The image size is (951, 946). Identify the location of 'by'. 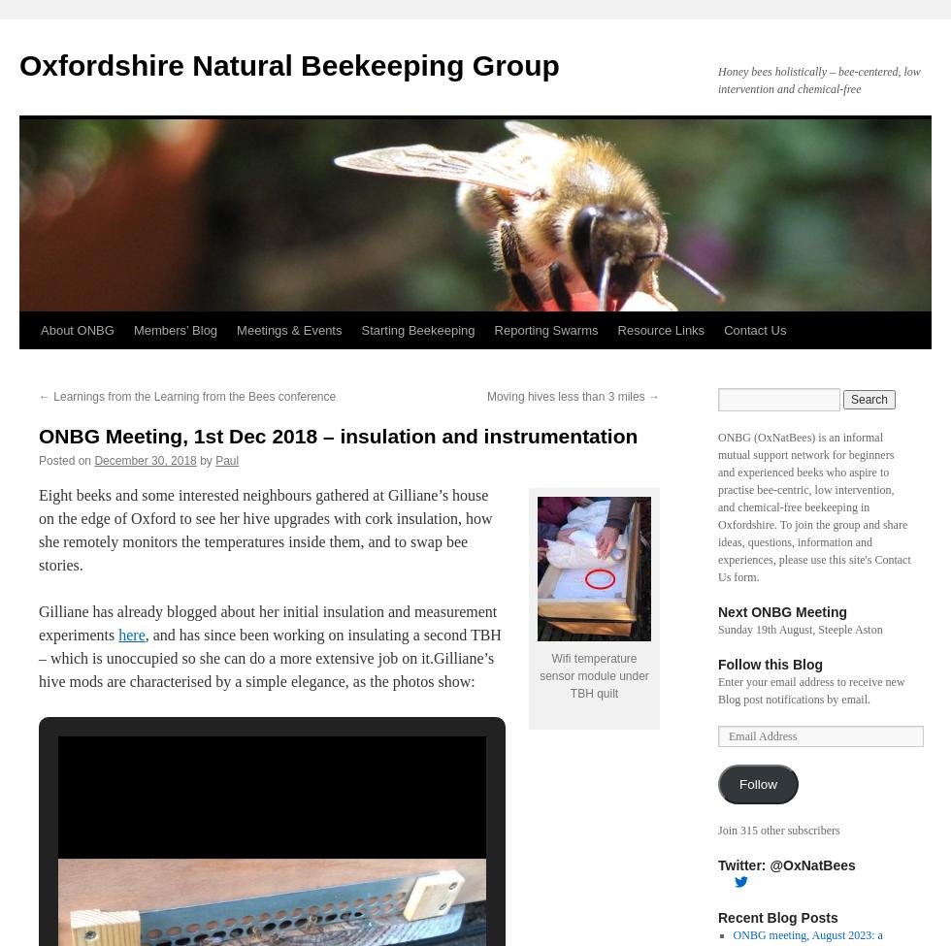
(199, 461).